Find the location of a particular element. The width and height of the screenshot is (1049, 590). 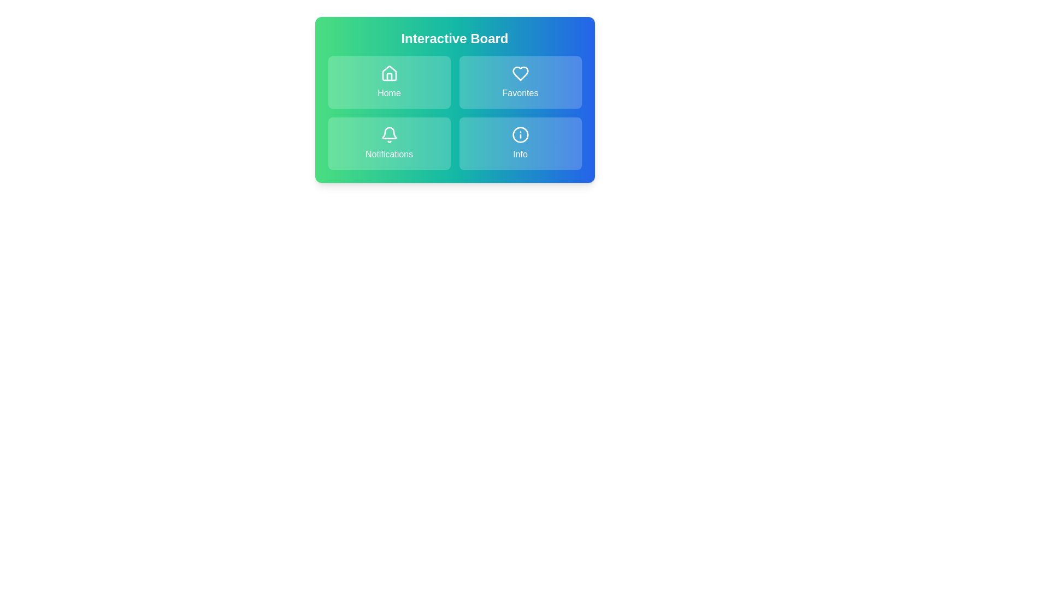

the house-shaped icon within the green 'Home' button located in the top-left quadrant of the 'Interactive Board' card is located at coordinates (389, 73).